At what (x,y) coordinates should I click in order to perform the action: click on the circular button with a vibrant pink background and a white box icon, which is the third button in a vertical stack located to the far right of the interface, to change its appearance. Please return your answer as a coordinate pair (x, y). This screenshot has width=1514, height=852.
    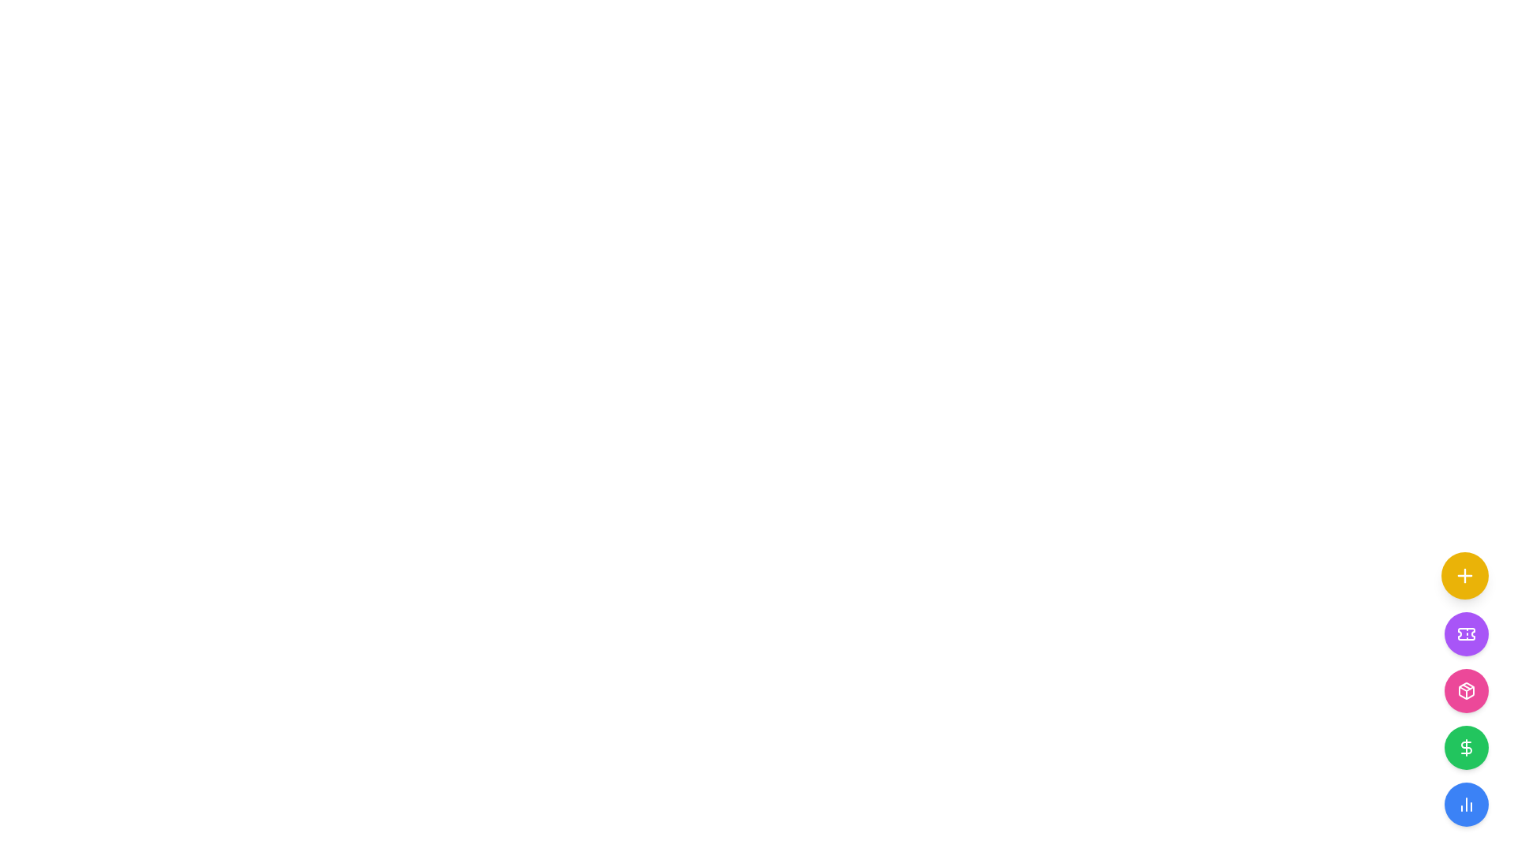
    Looking at the image, I should click on (1466, 689).